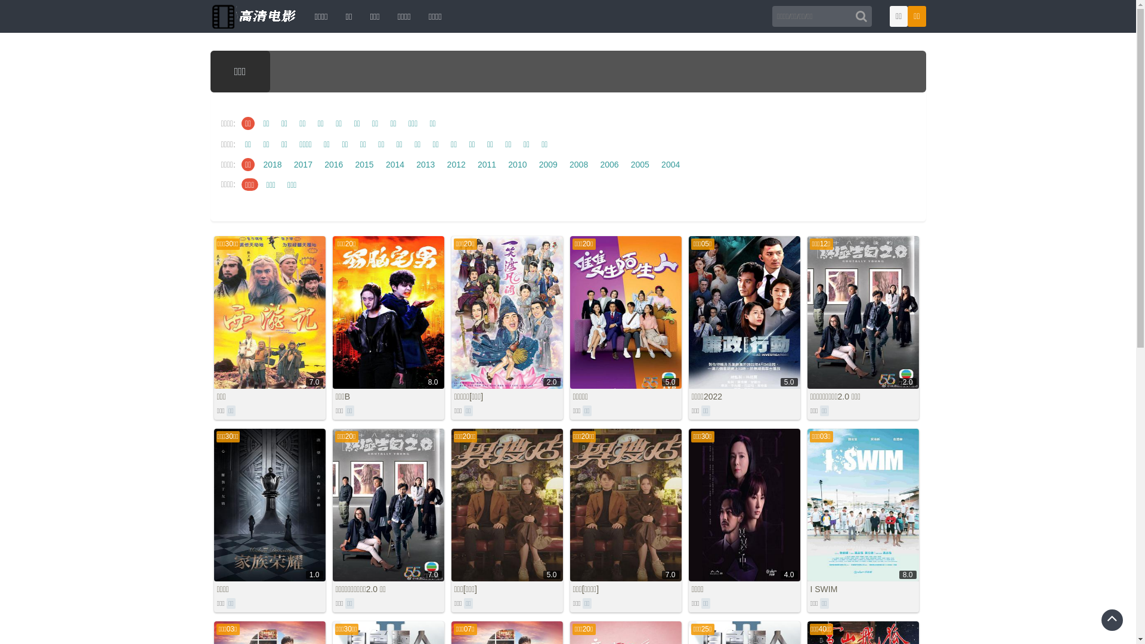  Describe the element at coordinates (303, 165) in the screenshot. I see `'2017'` at that location.